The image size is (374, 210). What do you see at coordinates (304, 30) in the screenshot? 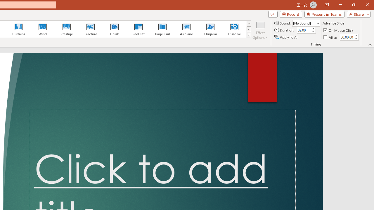
I see `'Duration'` at bounding box center [304, 30].